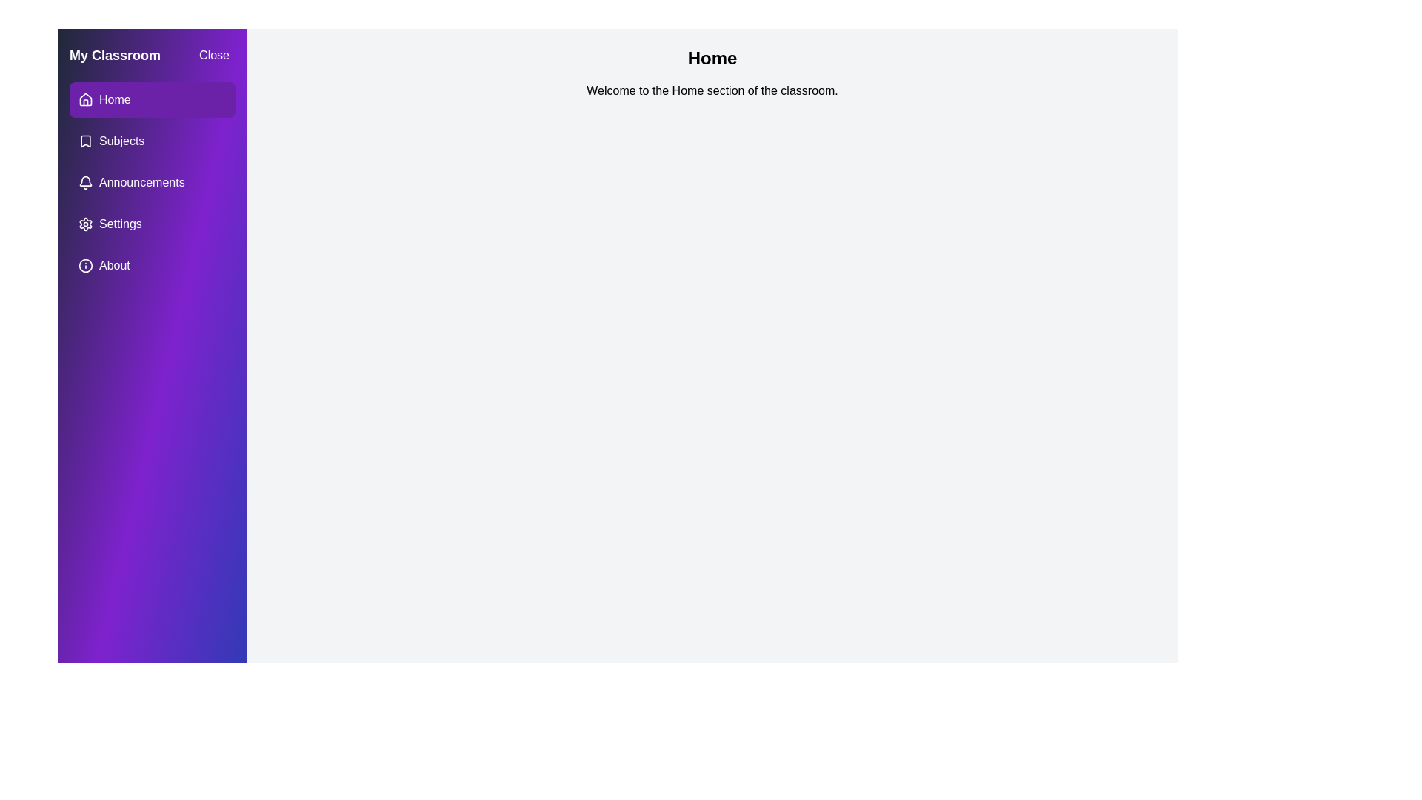 The image size is (1422, 800). I want to click on the 'Close' button to toggle the drawer visibility, so click(213, 54).